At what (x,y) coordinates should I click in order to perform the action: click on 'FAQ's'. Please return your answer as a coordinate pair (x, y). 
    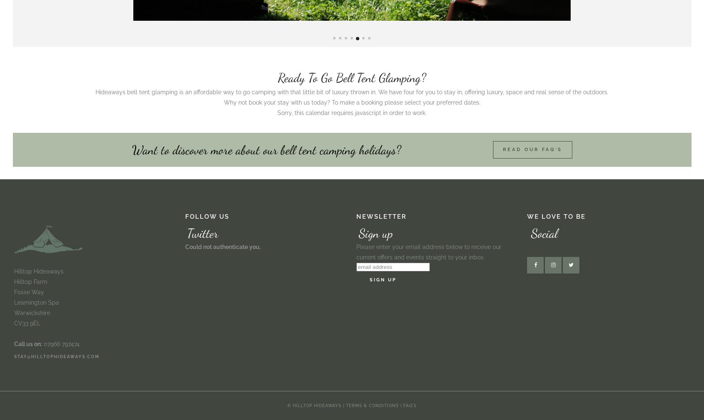
    Looking at the image, I should click on (409, 405).